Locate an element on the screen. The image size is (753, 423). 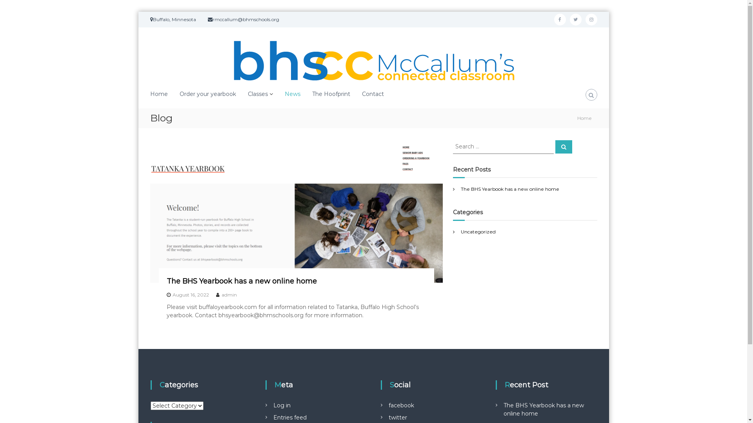
'Order your yearbook' is located at coordinates (207, 93).